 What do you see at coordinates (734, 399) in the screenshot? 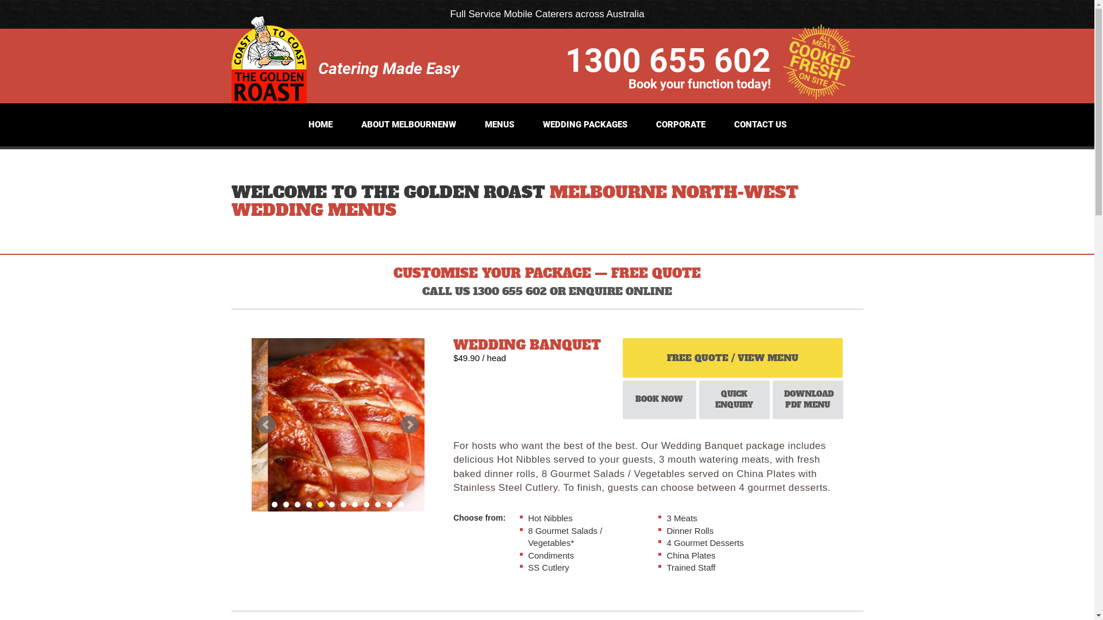
I see `'QUICK` at bounding box center [734, 399].